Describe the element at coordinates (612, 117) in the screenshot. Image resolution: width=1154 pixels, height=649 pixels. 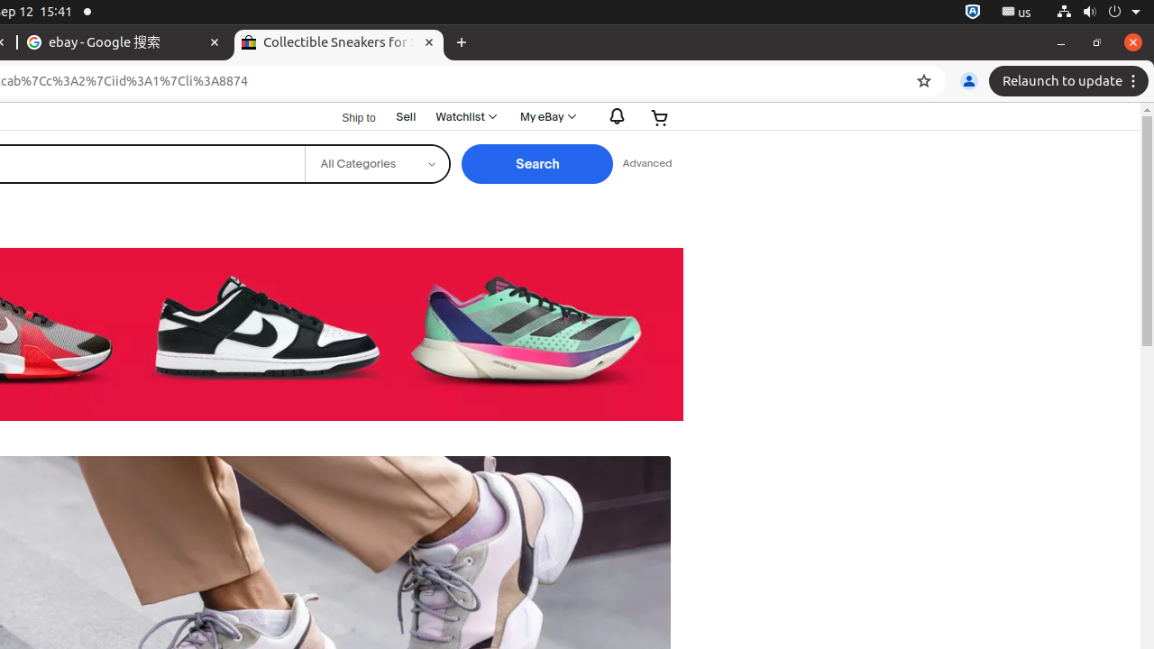
I see `'Notifications'` at that location.